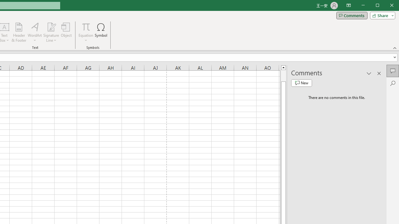 The height and width of the screenshot is (224, 399). I want to click on 'Search', so click(392, 83).